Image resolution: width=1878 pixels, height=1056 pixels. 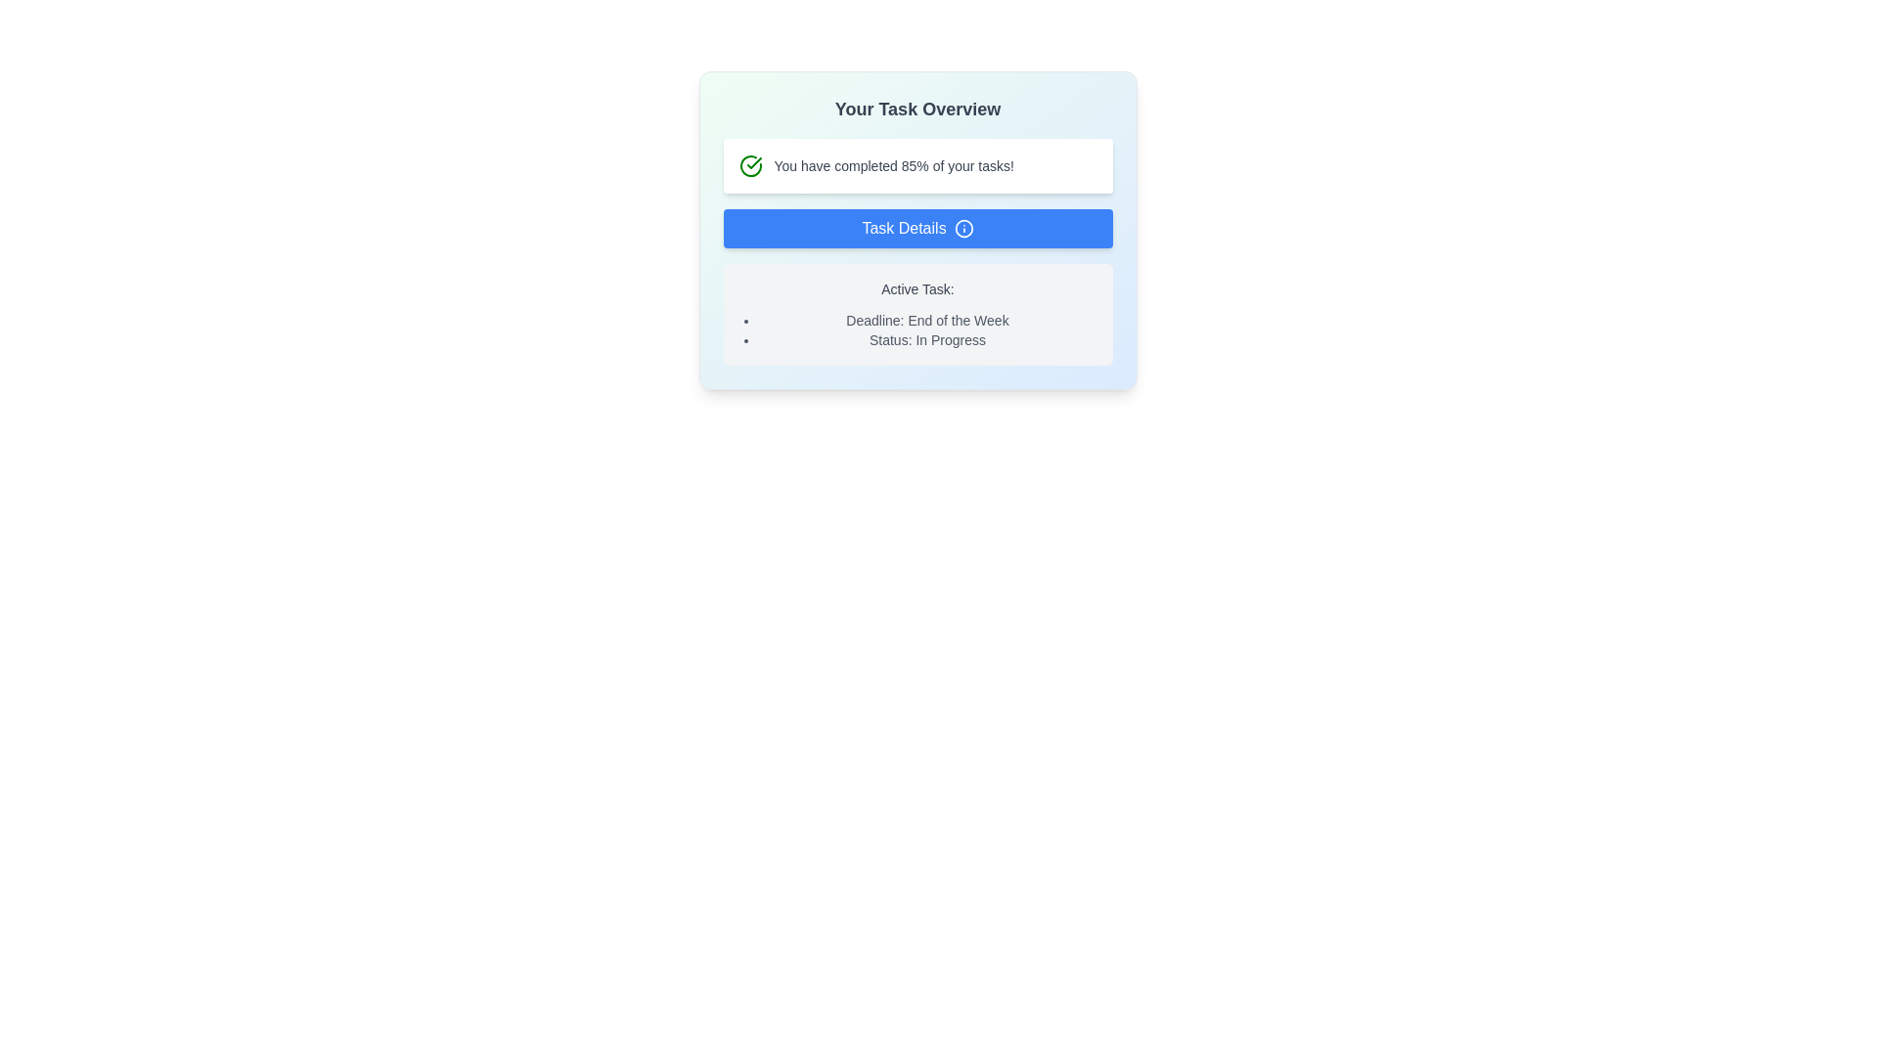 I want to click on the information indicated by the information icon positioned to the right of the 'Task Details' text in the button, so click(x=963, y=228).